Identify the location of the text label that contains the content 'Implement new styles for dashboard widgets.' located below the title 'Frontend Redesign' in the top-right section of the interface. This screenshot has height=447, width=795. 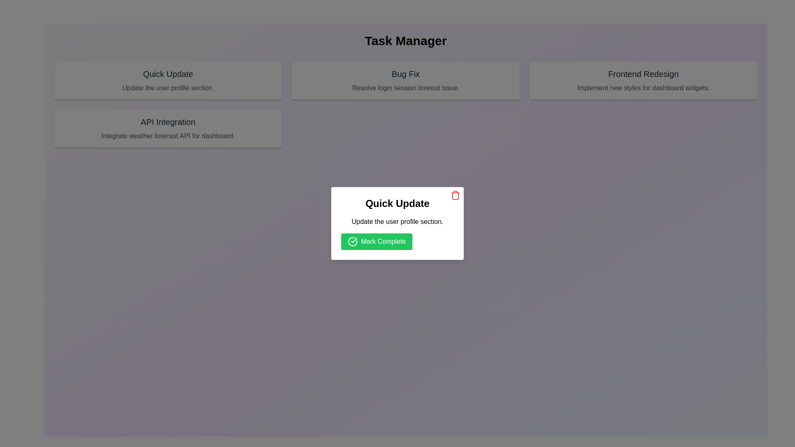
(643, 88).